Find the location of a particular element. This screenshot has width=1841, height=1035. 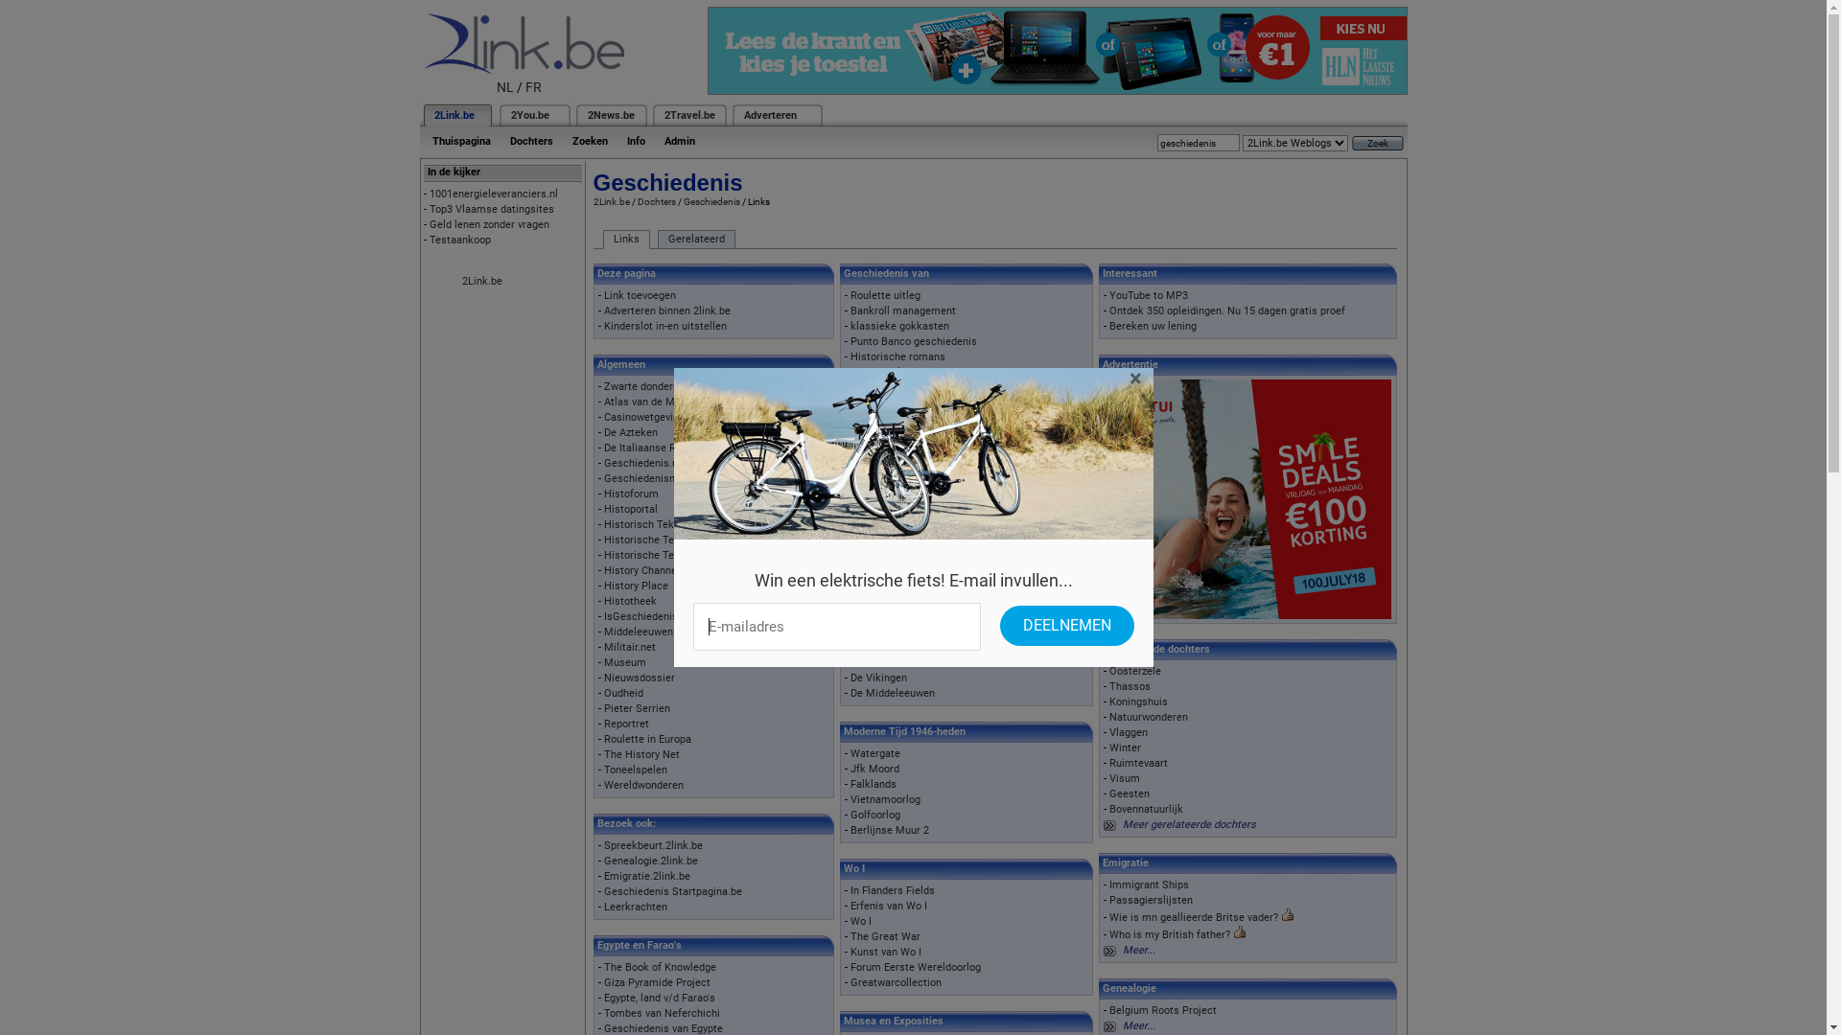

'Oudheid' is located at coordinates (623, 693).